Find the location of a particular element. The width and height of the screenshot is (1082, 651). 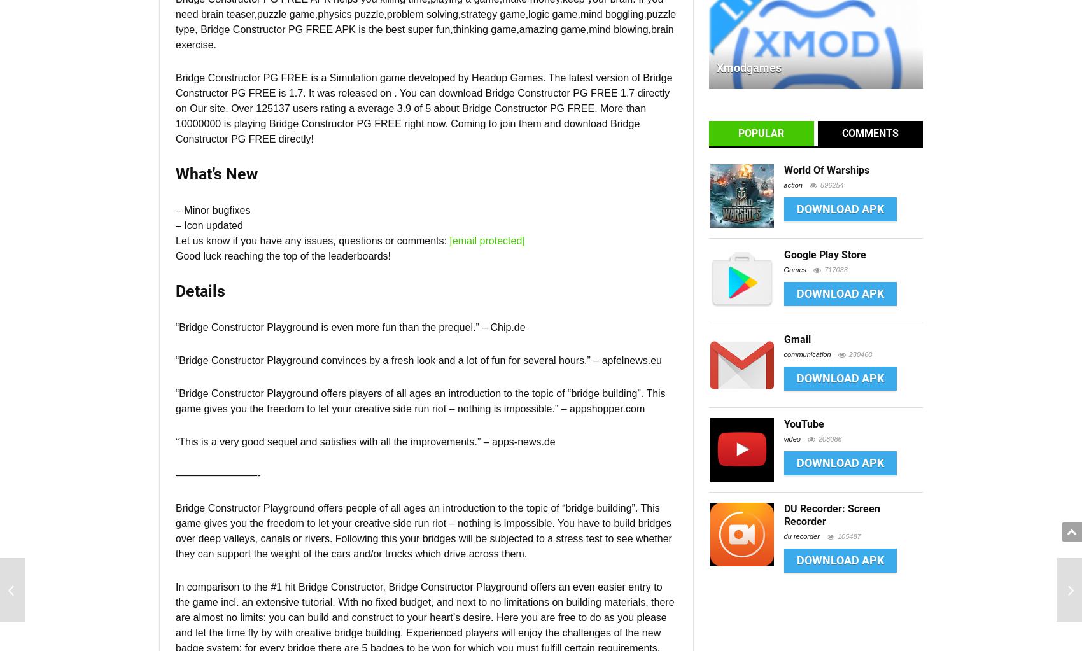

'105487' is located at coordinates (848, 535).